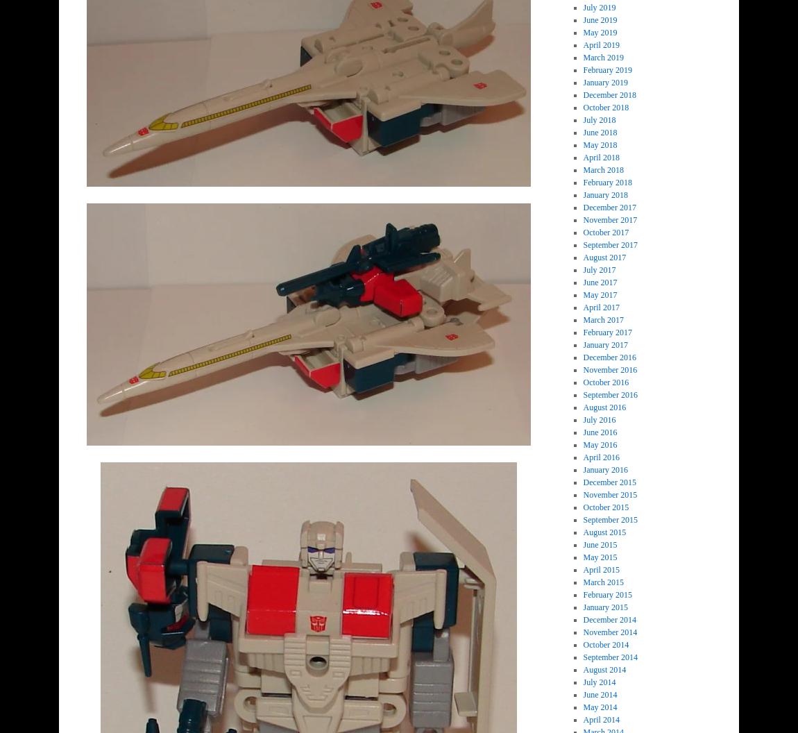 The width and height of the screenshot is (798, 733). I want to click on 'January 2017', so click(605, 344).